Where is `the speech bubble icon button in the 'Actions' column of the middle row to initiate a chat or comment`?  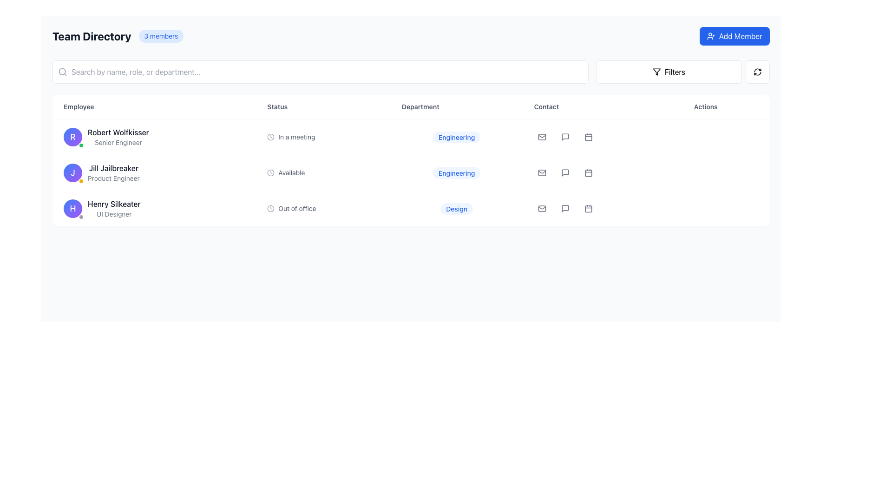 the speech bubble icon button in the 'Actions' column of the middle row to initiate a chat or comment is located at coordinates (564, 172).